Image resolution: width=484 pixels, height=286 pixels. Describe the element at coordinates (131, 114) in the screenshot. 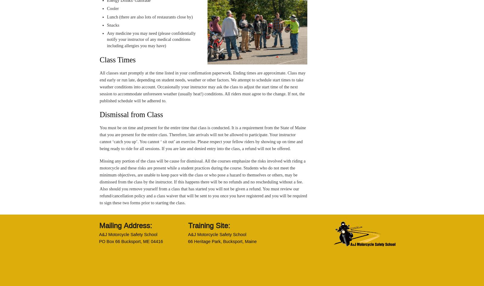

I see `'Dismissal from Class'` at that location.